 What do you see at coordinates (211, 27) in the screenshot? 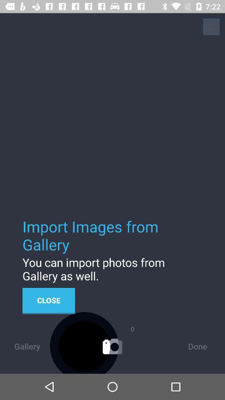
I see `open the menu` at bounding box center [211, 27].